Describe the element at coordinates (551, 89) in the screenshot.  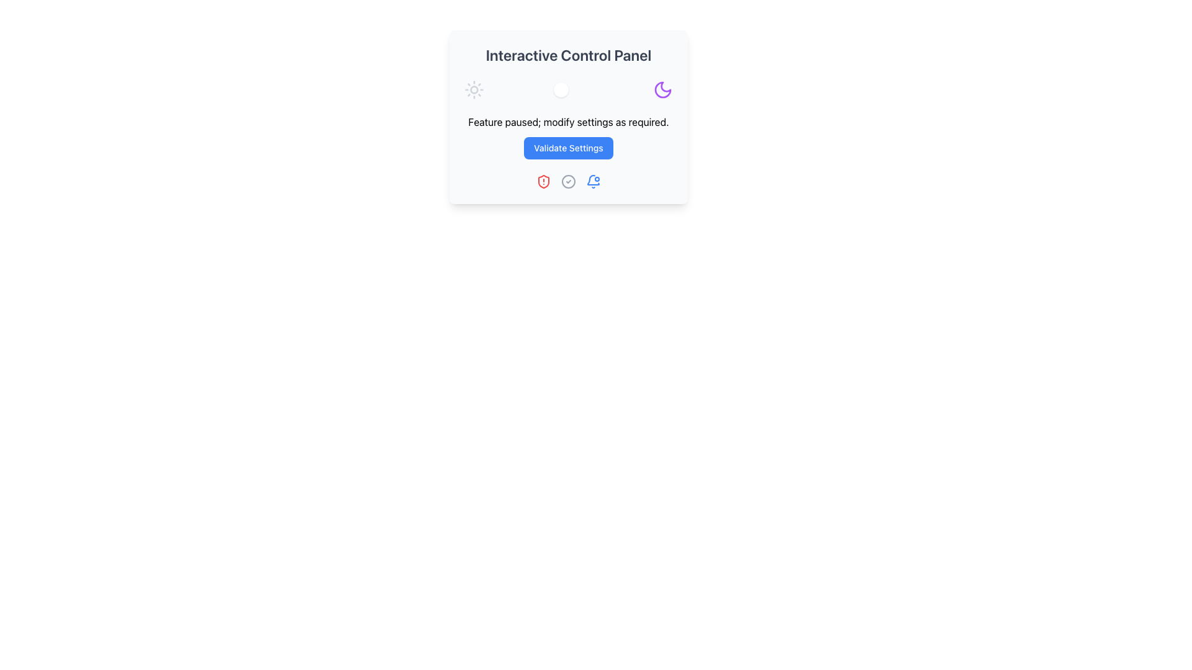
I see `the slider` at that location.